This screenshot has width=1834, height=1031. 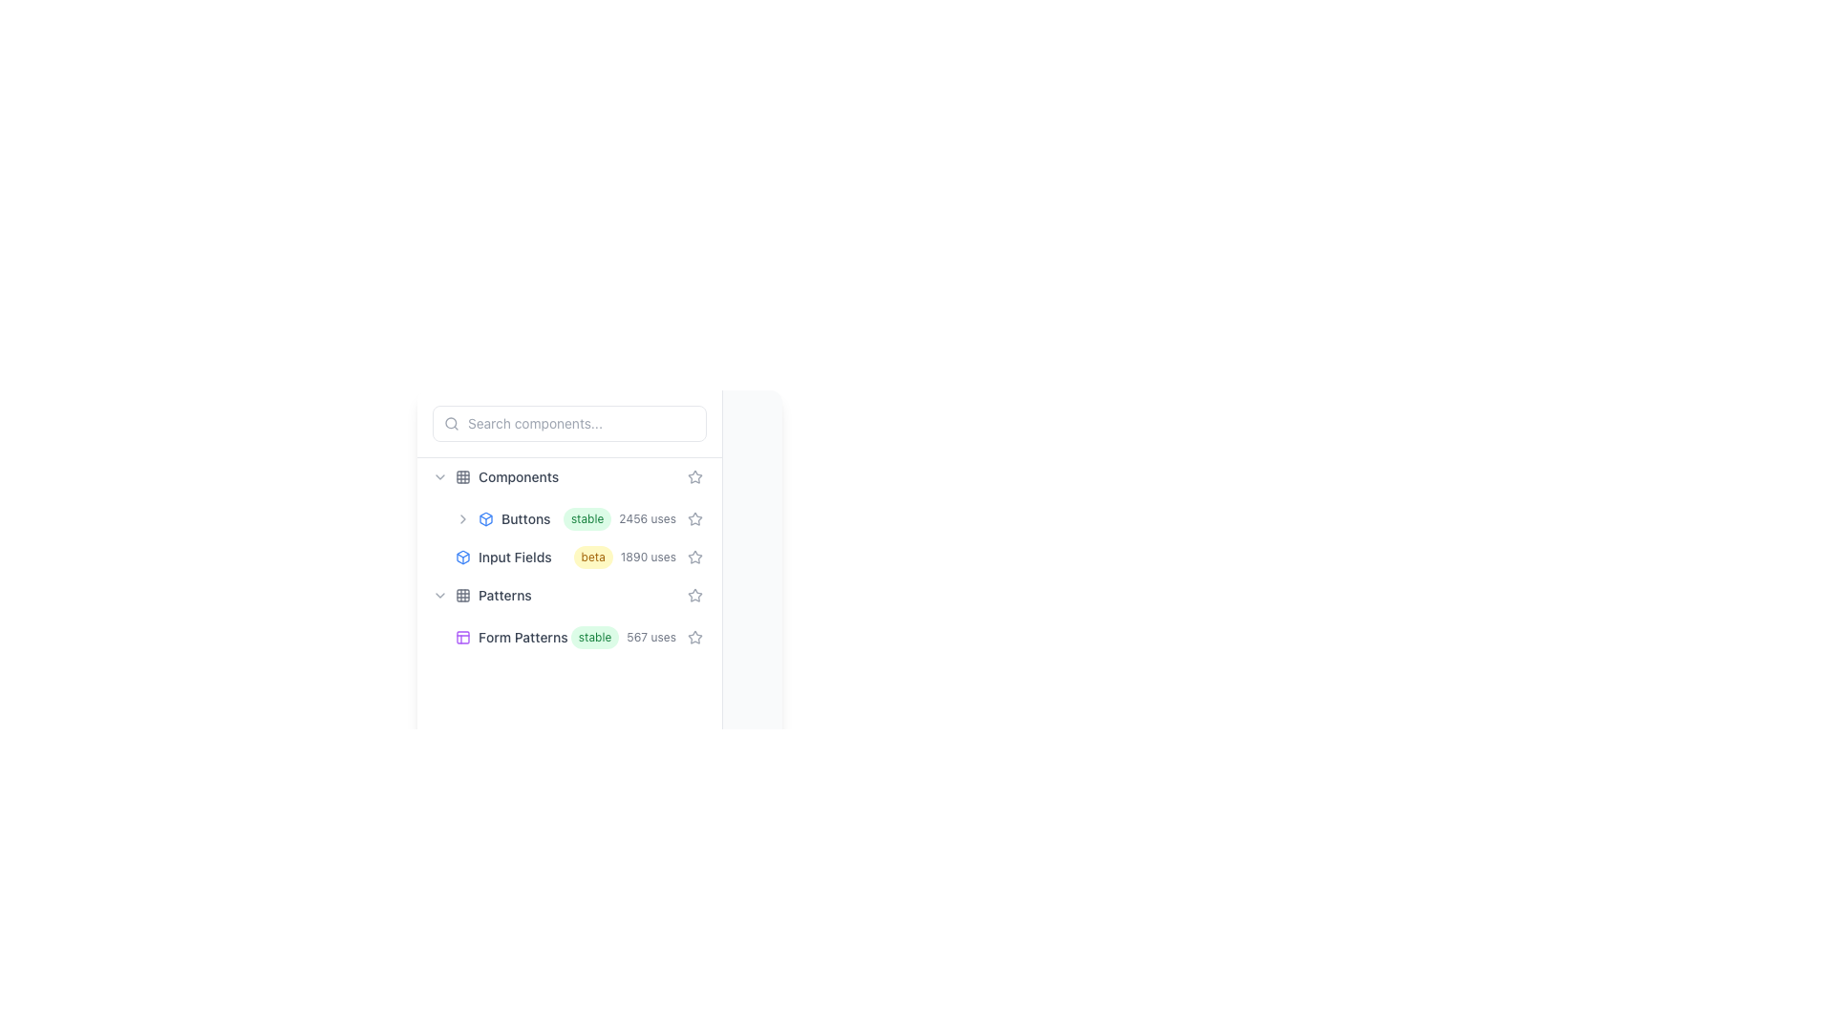 I want to click on the star-shaped icon with a thin outline and rounded edges in the 'Form Patterns' row under the 'Patterns' section, so click(x=694, y=637).